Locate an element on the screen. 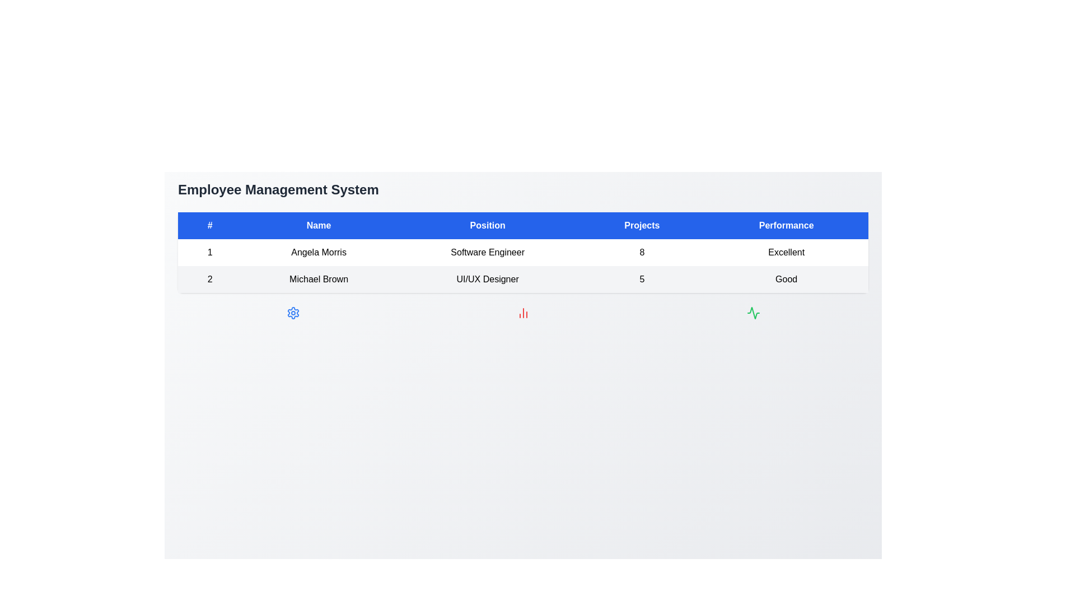 This screenshot has height=605, width=1075. static text representing the name of the employee located in the second column of the first row of the table under the 'Name' header is located at coordinates (318, 253).